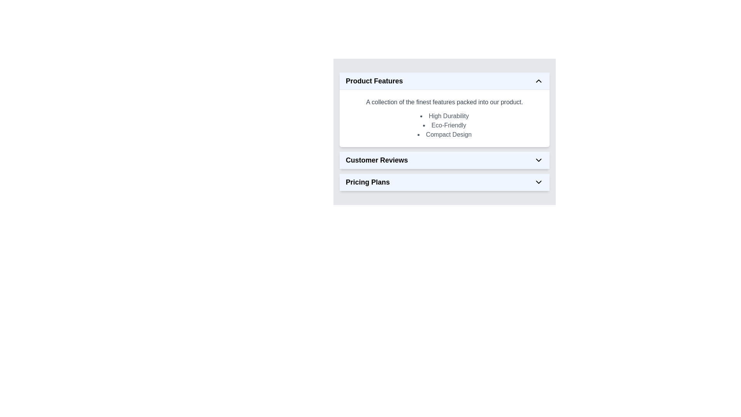 Image resolution: width=741 pixels, height=417 pixels. What do you see at coordinates (538, 81) in the screenshot?
I see `the toggle chevron icon button located in the header section of the 'Product Features' collapsible section, which is aligned to the right of the 'Product Features' text label` at bounding box center [538, 81].